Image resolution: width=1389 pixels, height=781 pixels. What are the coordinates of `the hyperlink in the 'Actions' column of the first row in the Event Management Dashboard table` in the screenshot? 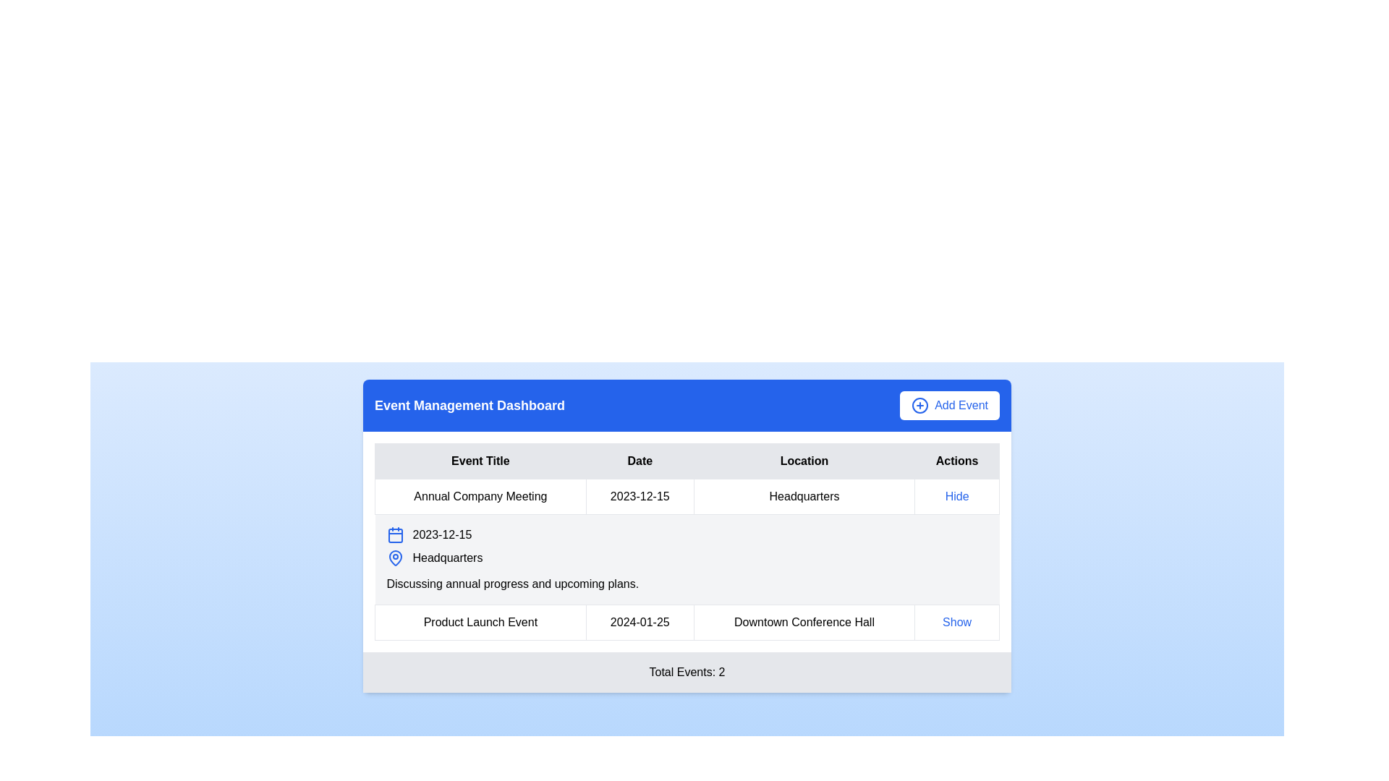 It's located at (957, 495).